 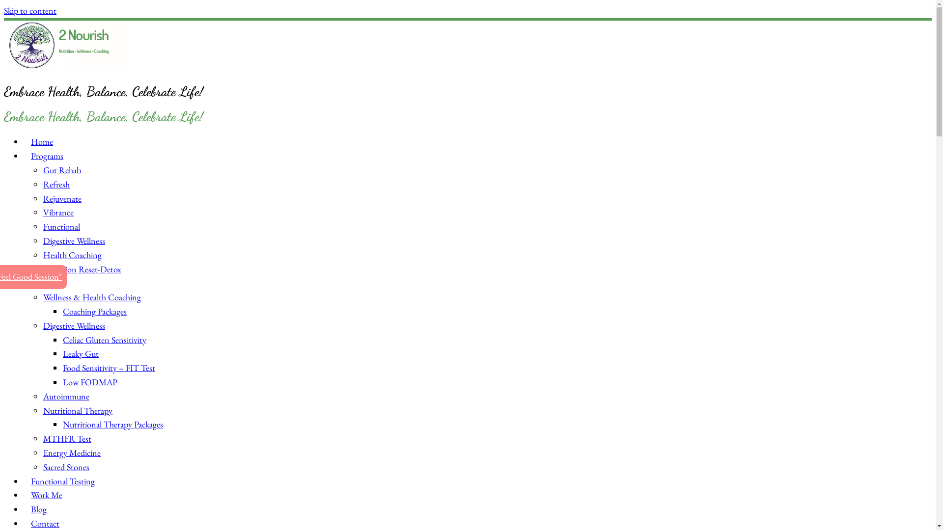 What do you see at coordinates (81, 353) in the screenshot?
I see `'Leaky Gut'` at bounding box center [81, 353].